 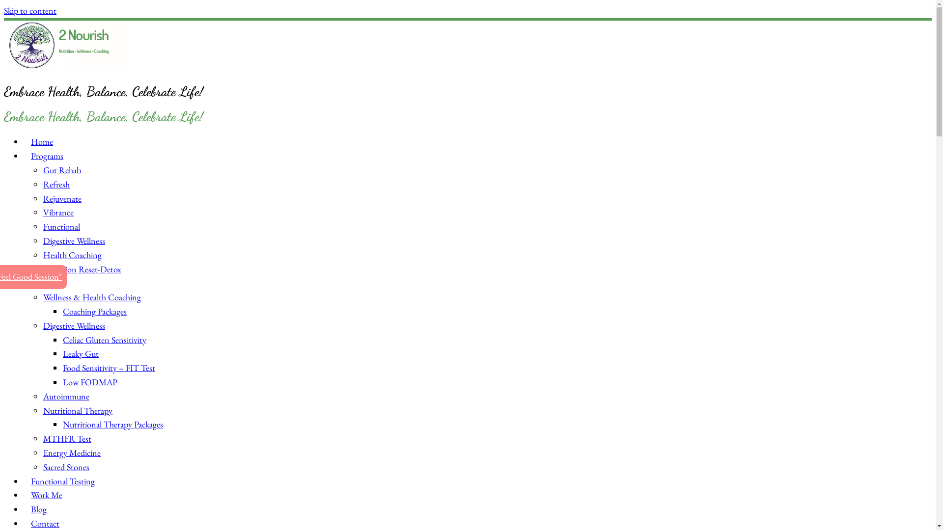 What do you see at coordinates (81, 353) in the screenshot?
I see `'Leaky Gut'` at bounding box center [81, 353].